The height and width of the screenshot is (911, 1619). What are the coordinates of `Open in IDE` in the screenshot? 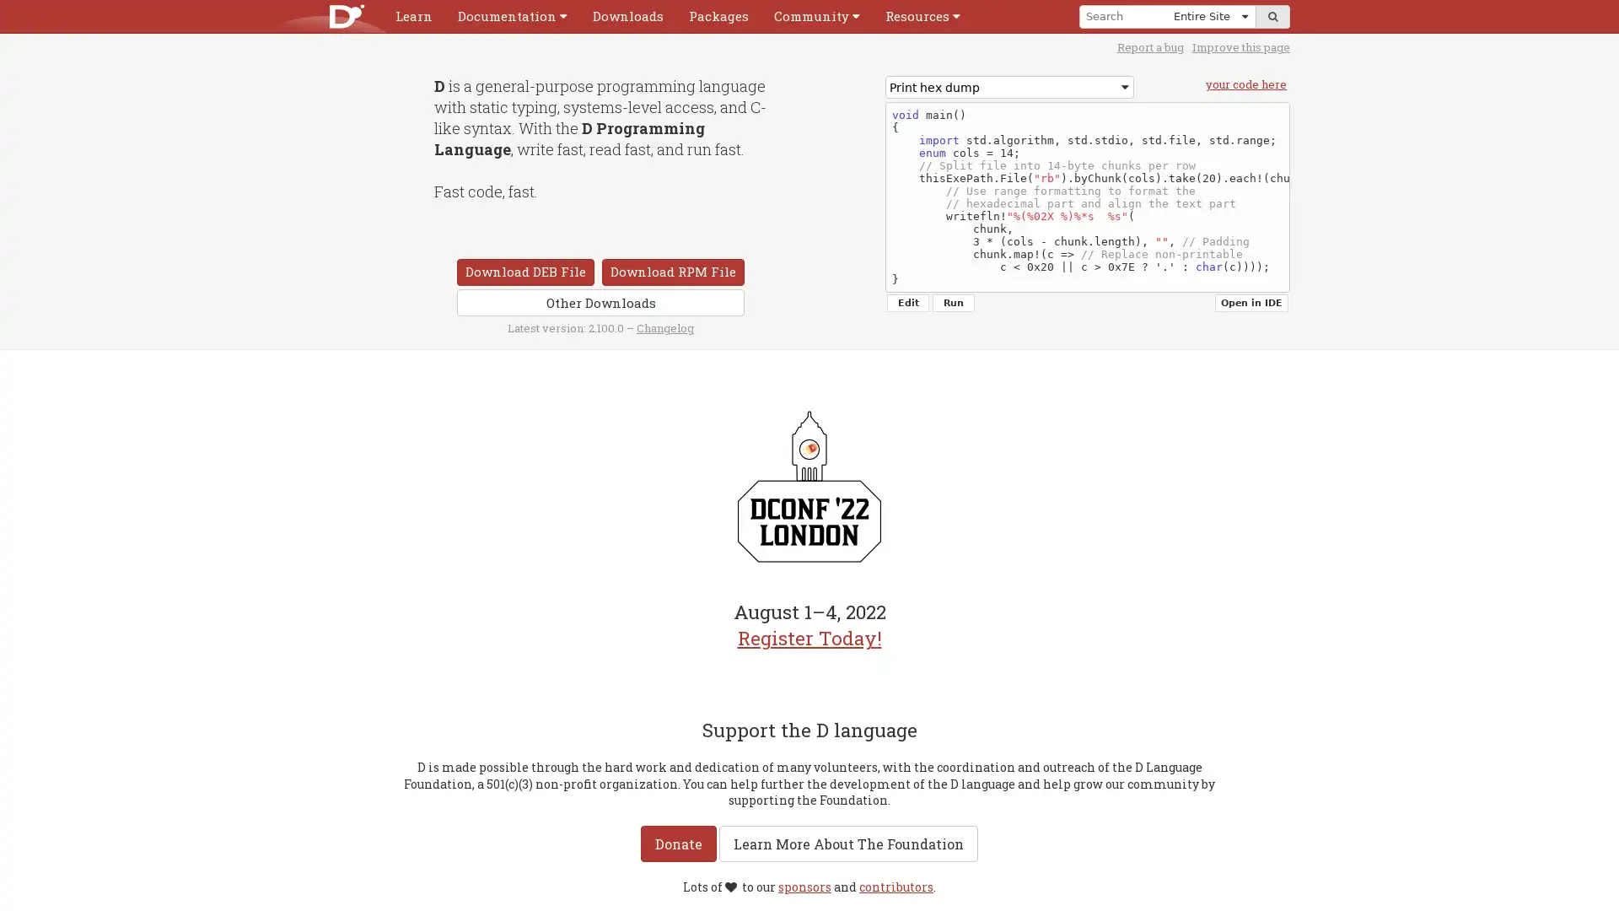 It's located at (1251, 302).